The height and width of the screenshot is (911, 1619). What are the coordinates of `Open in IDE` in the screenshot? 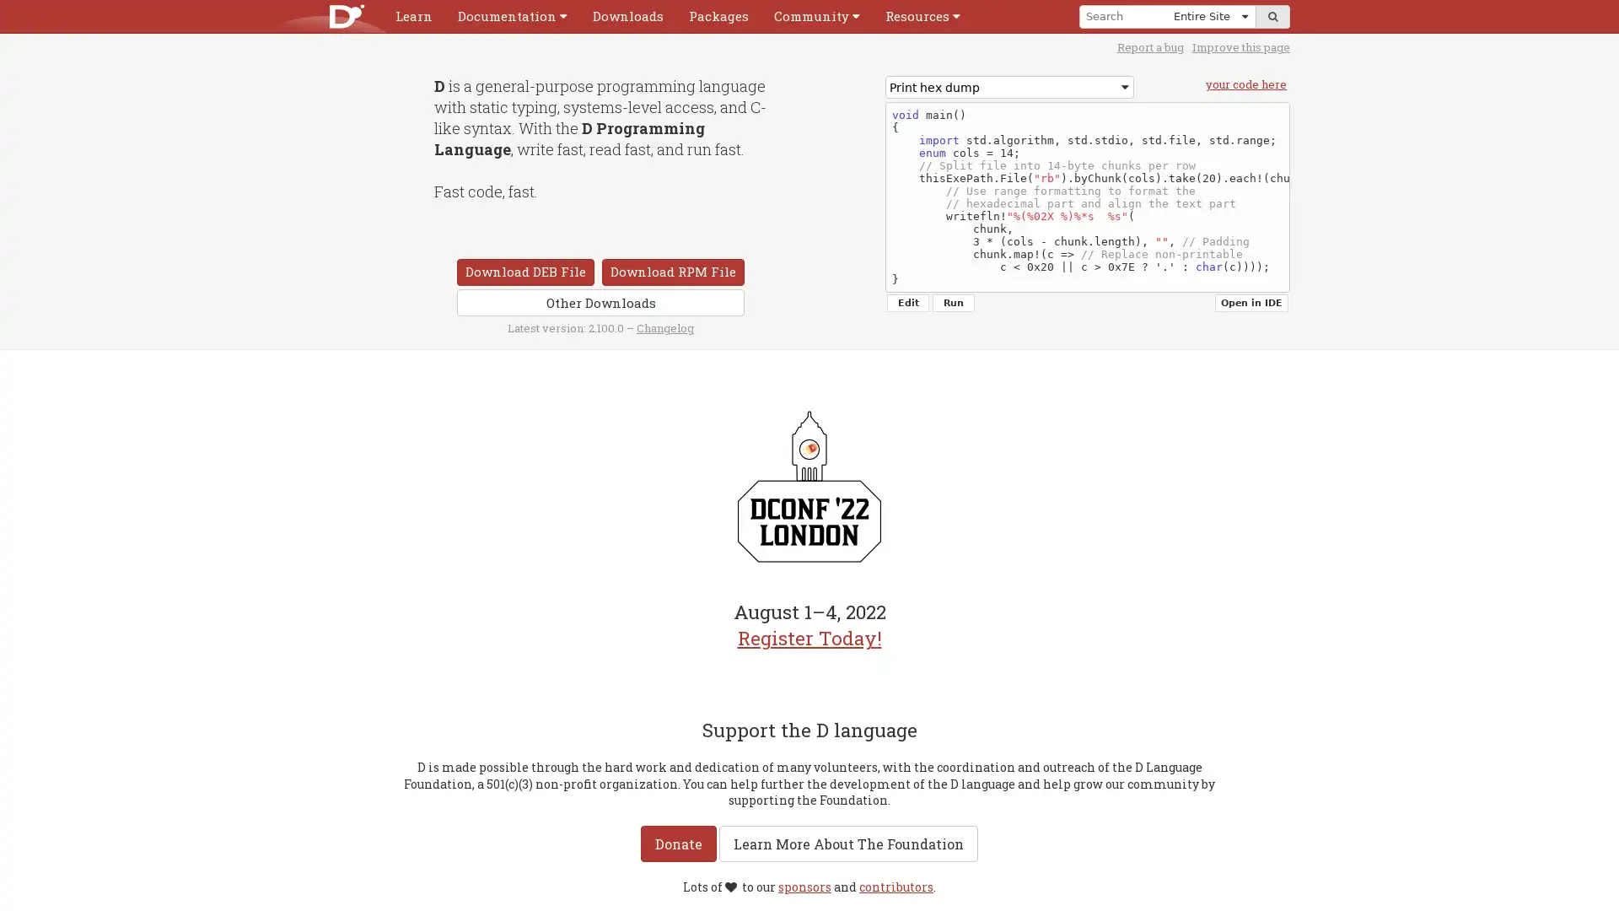 It's located at (1251, 302).